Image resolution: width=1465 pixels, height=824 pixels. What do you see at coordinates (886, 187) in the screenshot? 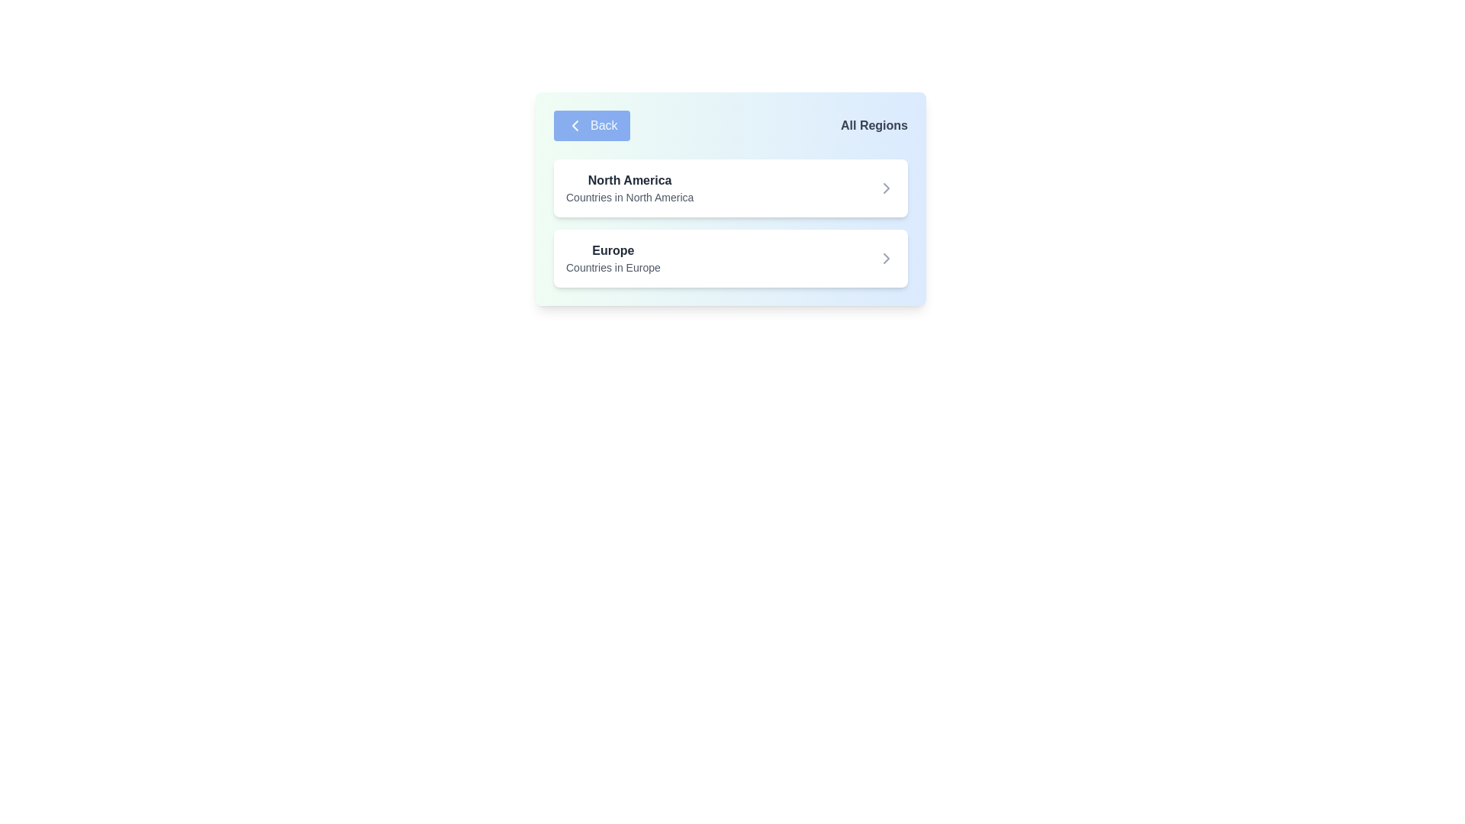
I see `the navigation icon located at the far right side of the 'North America' region selection card` at bounding box center [886, 187].